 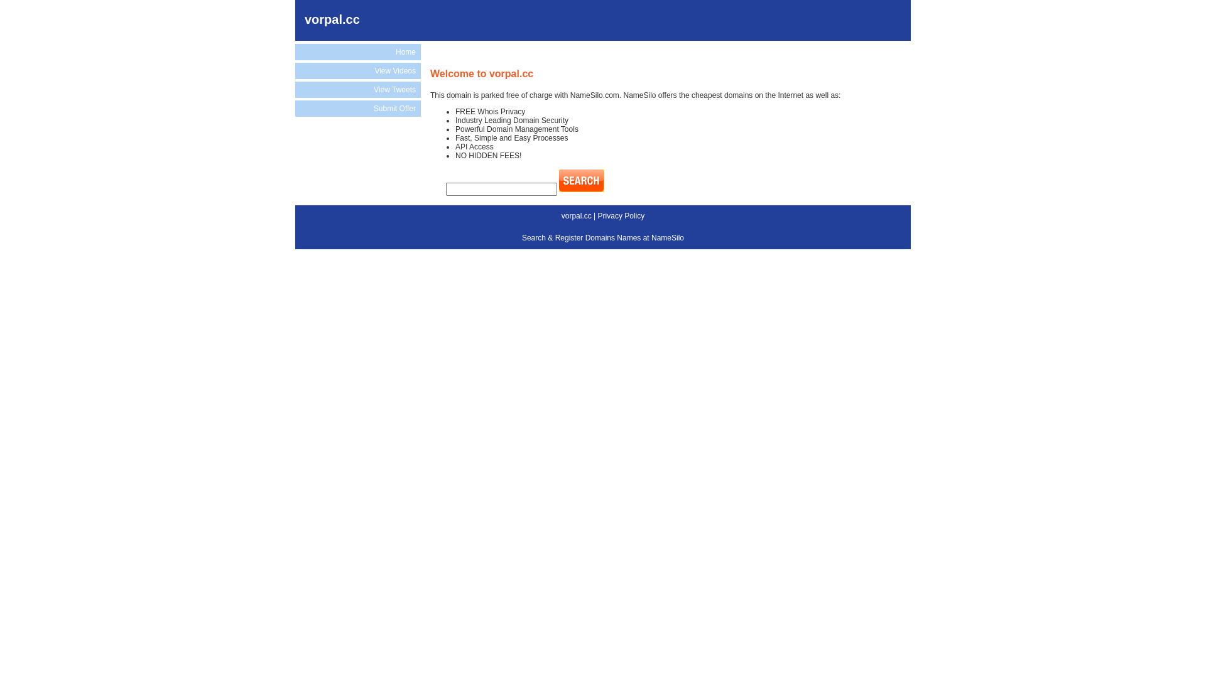 I want to click on 'View Tweets', so click(x=357, y=89).